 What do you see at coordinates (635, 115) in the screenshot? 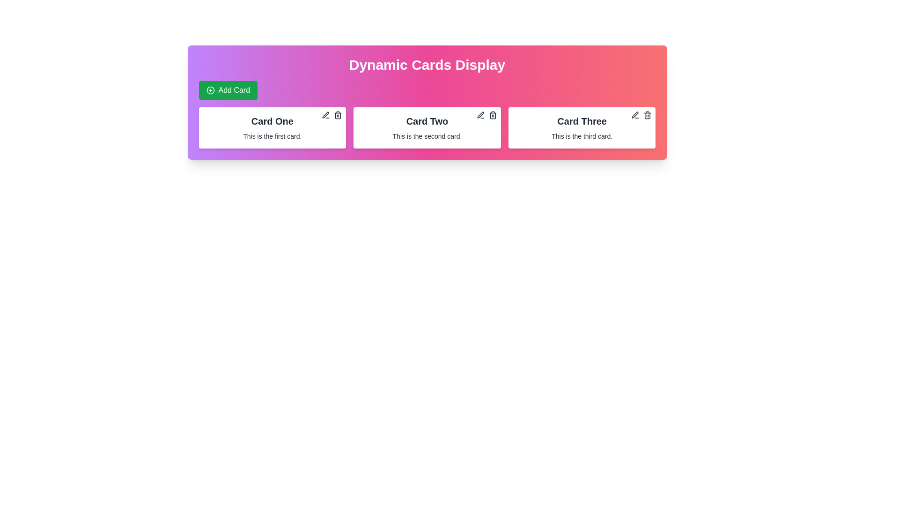
I see `the Icon button located in the top-right corner of the third card element labeled 'Card Three', which is the first among two interactable icons` at bounding box center [635, 115].